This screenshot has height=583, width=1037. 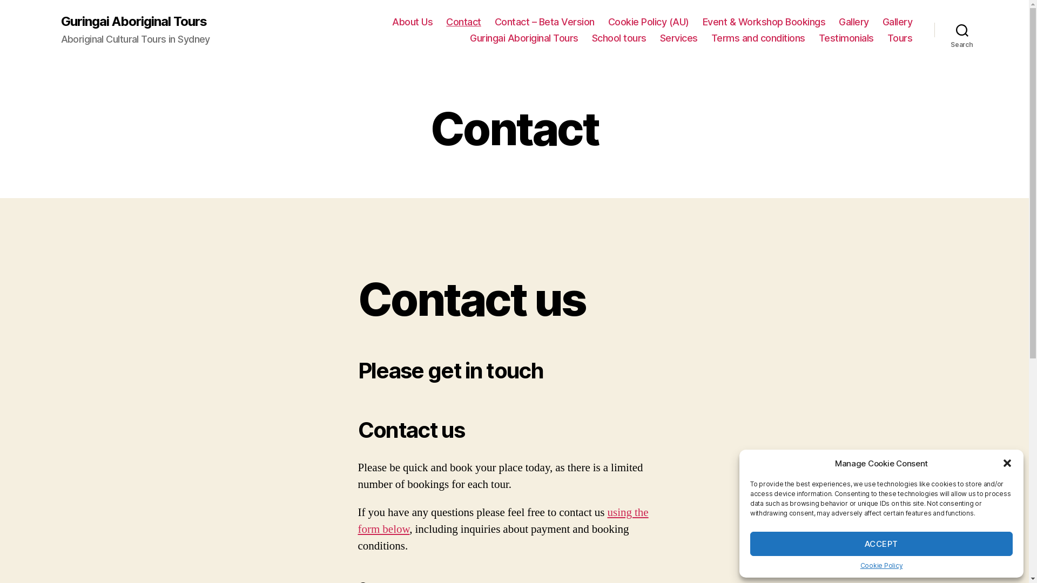 What do you see at coordinates (749, 544) in the screenshot?
I see `'ACCEPT'` at bounding box center [749, 544].